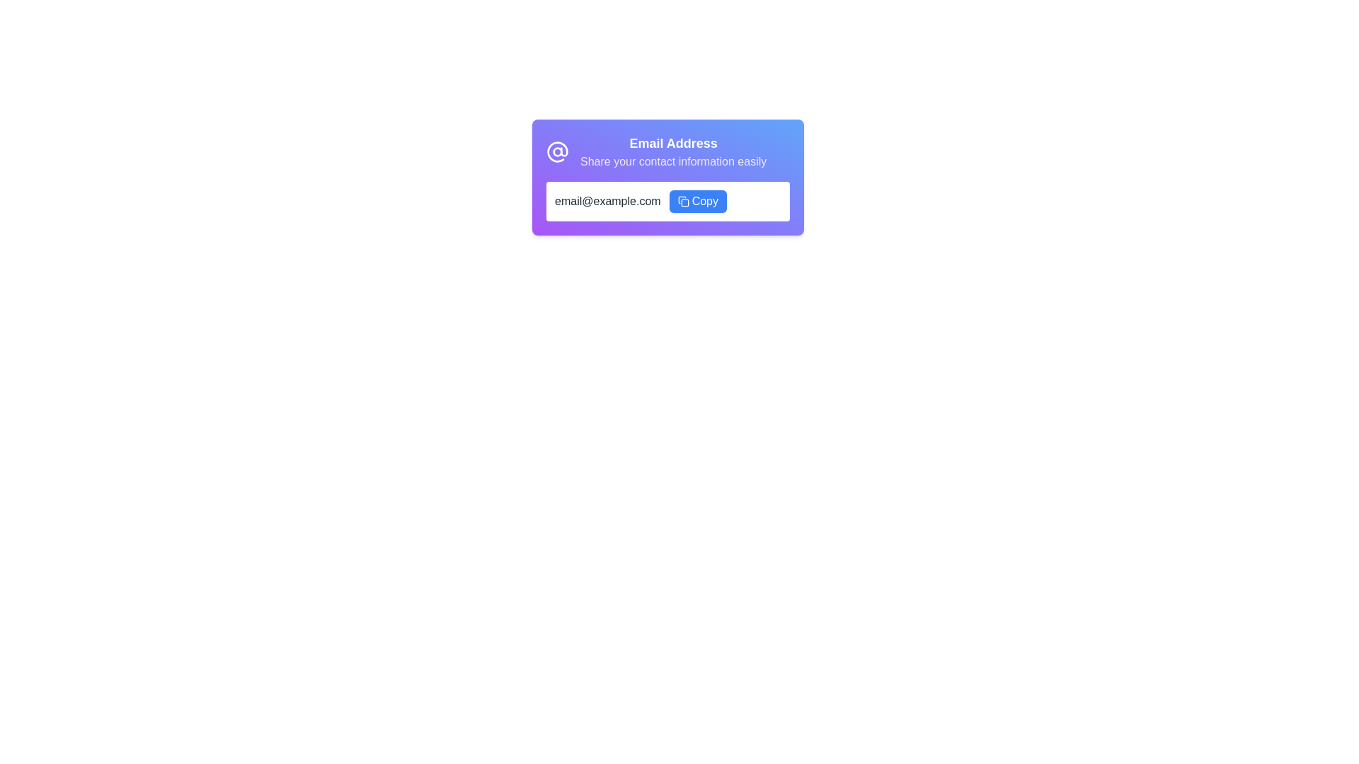 This screenshot has height=764, width=1359. What do you see at coordinates (667, 202) in the screenshot?
I see `the 'Copy' button in the email display element to trigger hover effects` at bounding box center [667, 202].